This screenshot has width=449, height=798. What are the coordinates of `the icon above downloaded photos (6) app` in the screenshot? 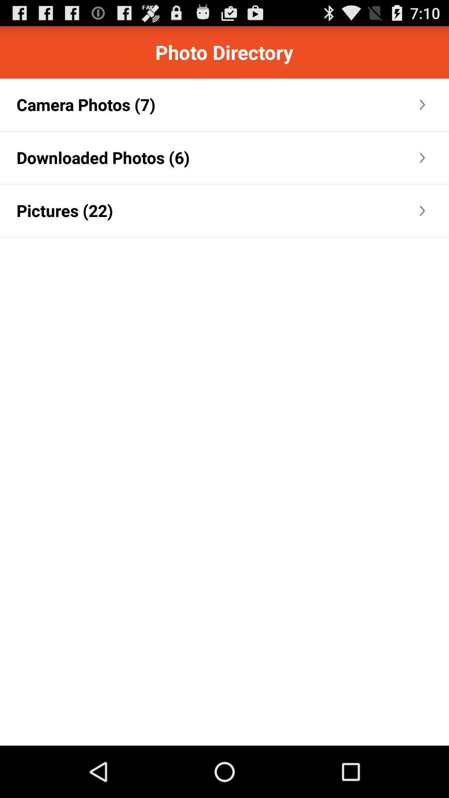 It's located at (86, 104).